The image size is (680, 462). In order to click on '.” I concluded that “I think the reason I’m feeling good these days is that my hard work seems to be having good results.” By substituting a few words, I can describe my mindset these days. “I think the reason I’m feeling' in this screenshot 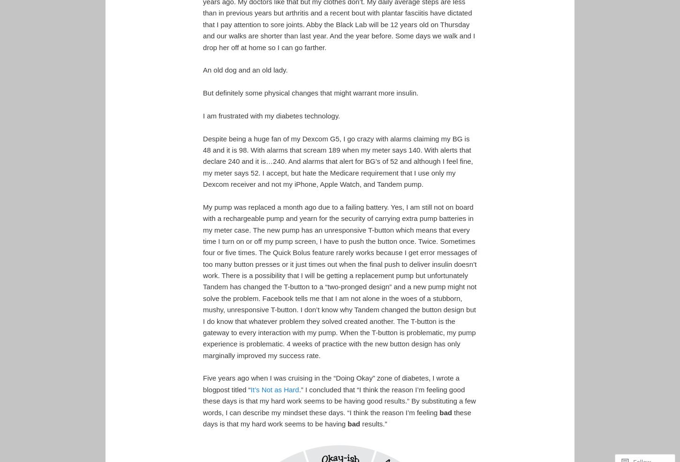, I will do `click(202, 400)`.